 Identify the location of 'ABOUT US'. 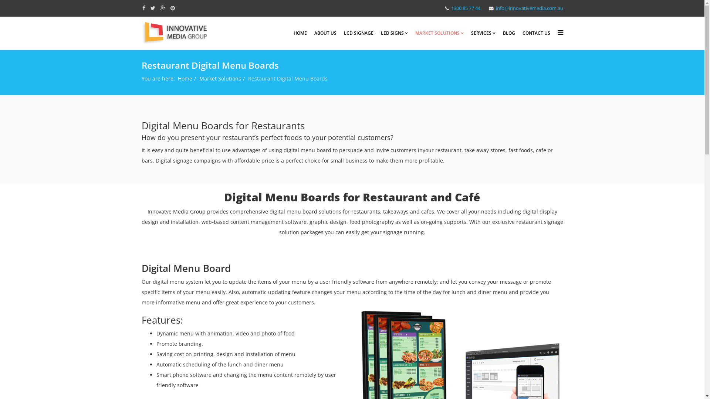
(325, 33).